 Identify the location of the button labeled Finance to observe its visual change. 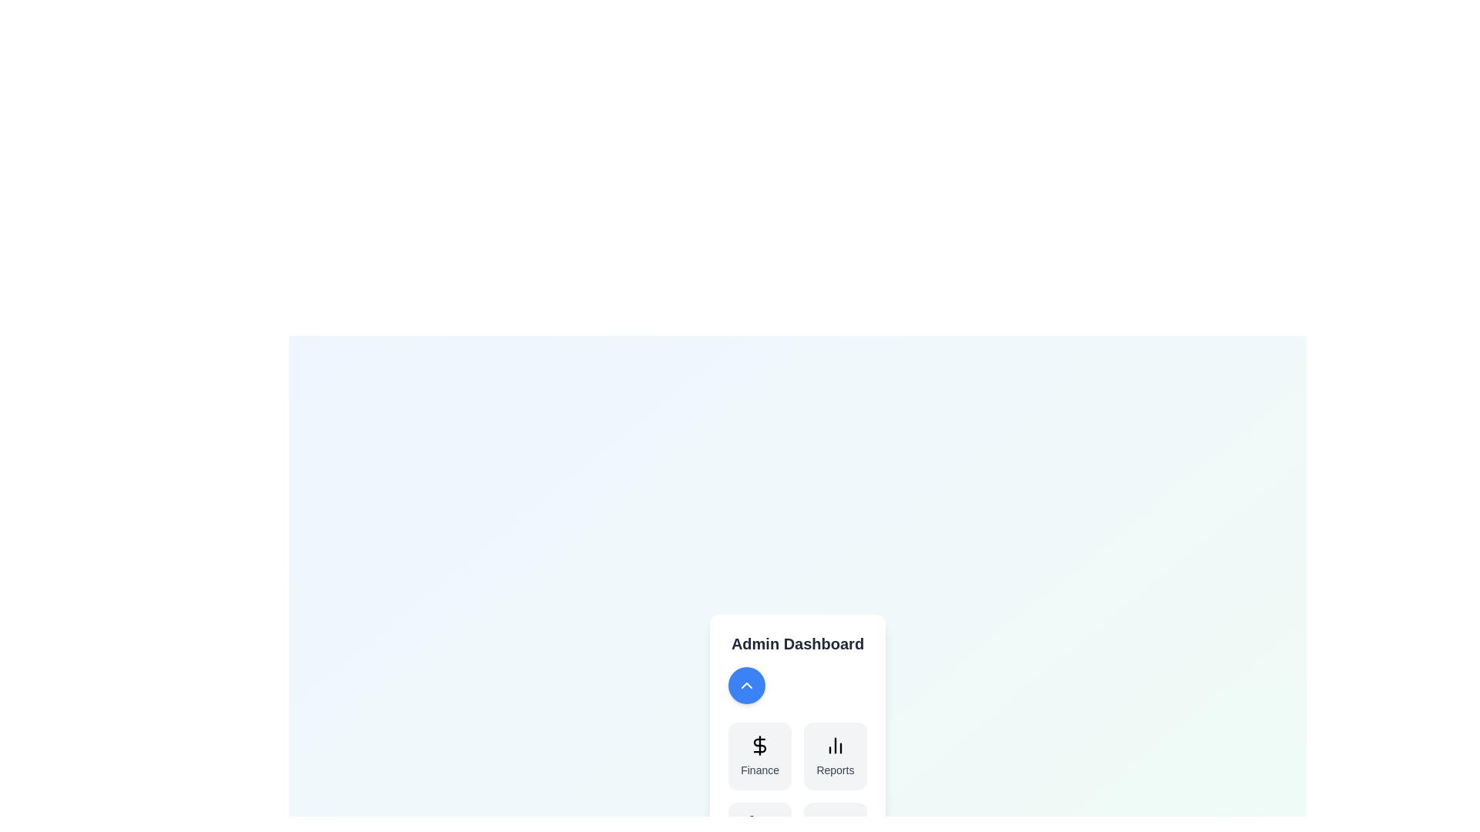
(760, 756).